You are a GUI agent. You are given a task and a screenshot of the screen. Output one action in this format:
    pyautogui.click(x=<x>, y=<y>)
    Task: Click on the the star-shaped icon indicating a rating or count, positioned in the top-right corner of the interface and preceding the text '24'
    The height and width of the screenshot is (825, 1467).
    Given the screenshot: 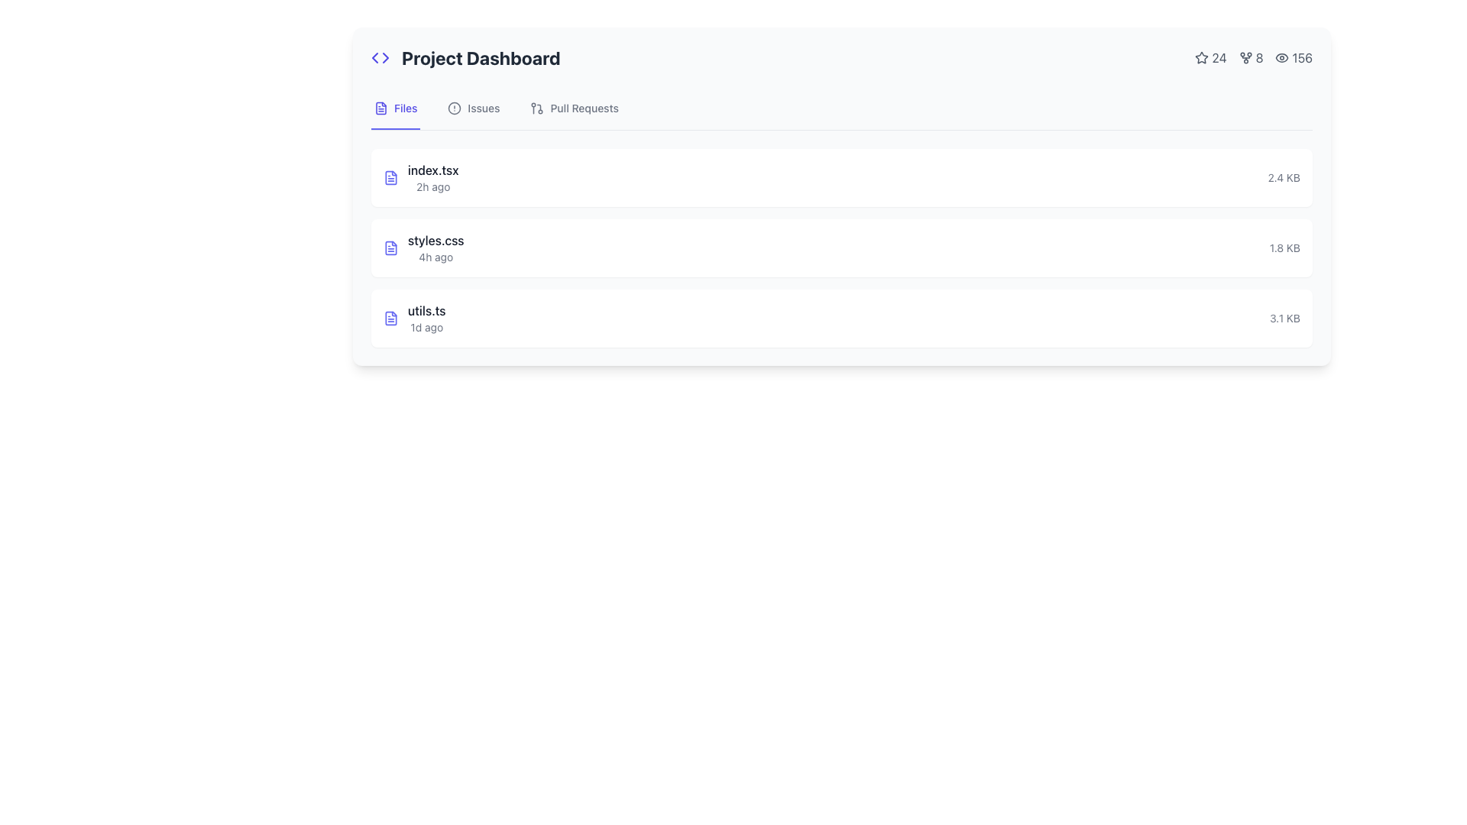 What is the action you would take?
    pyautogui.click(x=1201, y=57)
    